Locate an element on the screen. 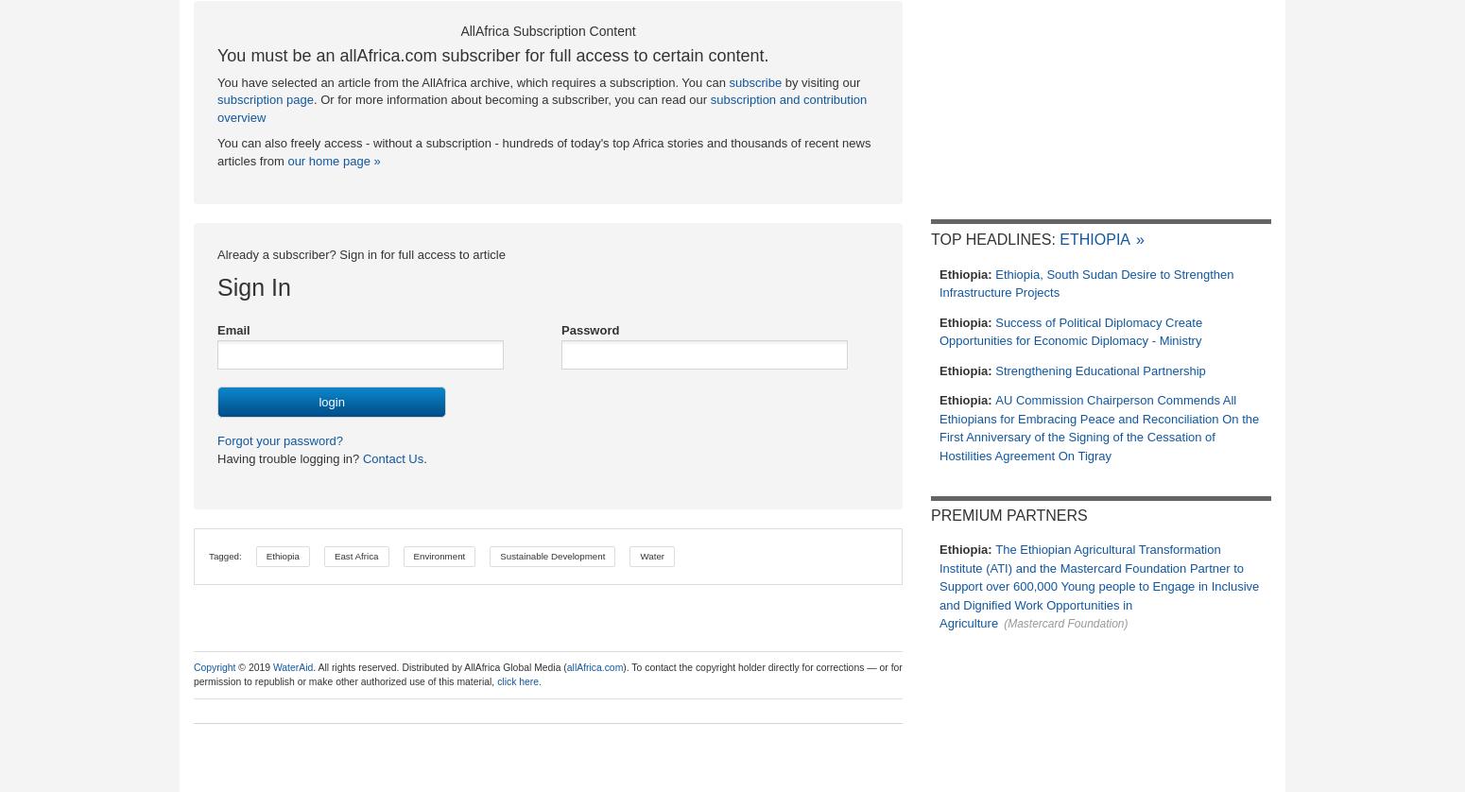 This screenshot has height=792, width=1465. 'click here.' is located at coordinates (519, 680).